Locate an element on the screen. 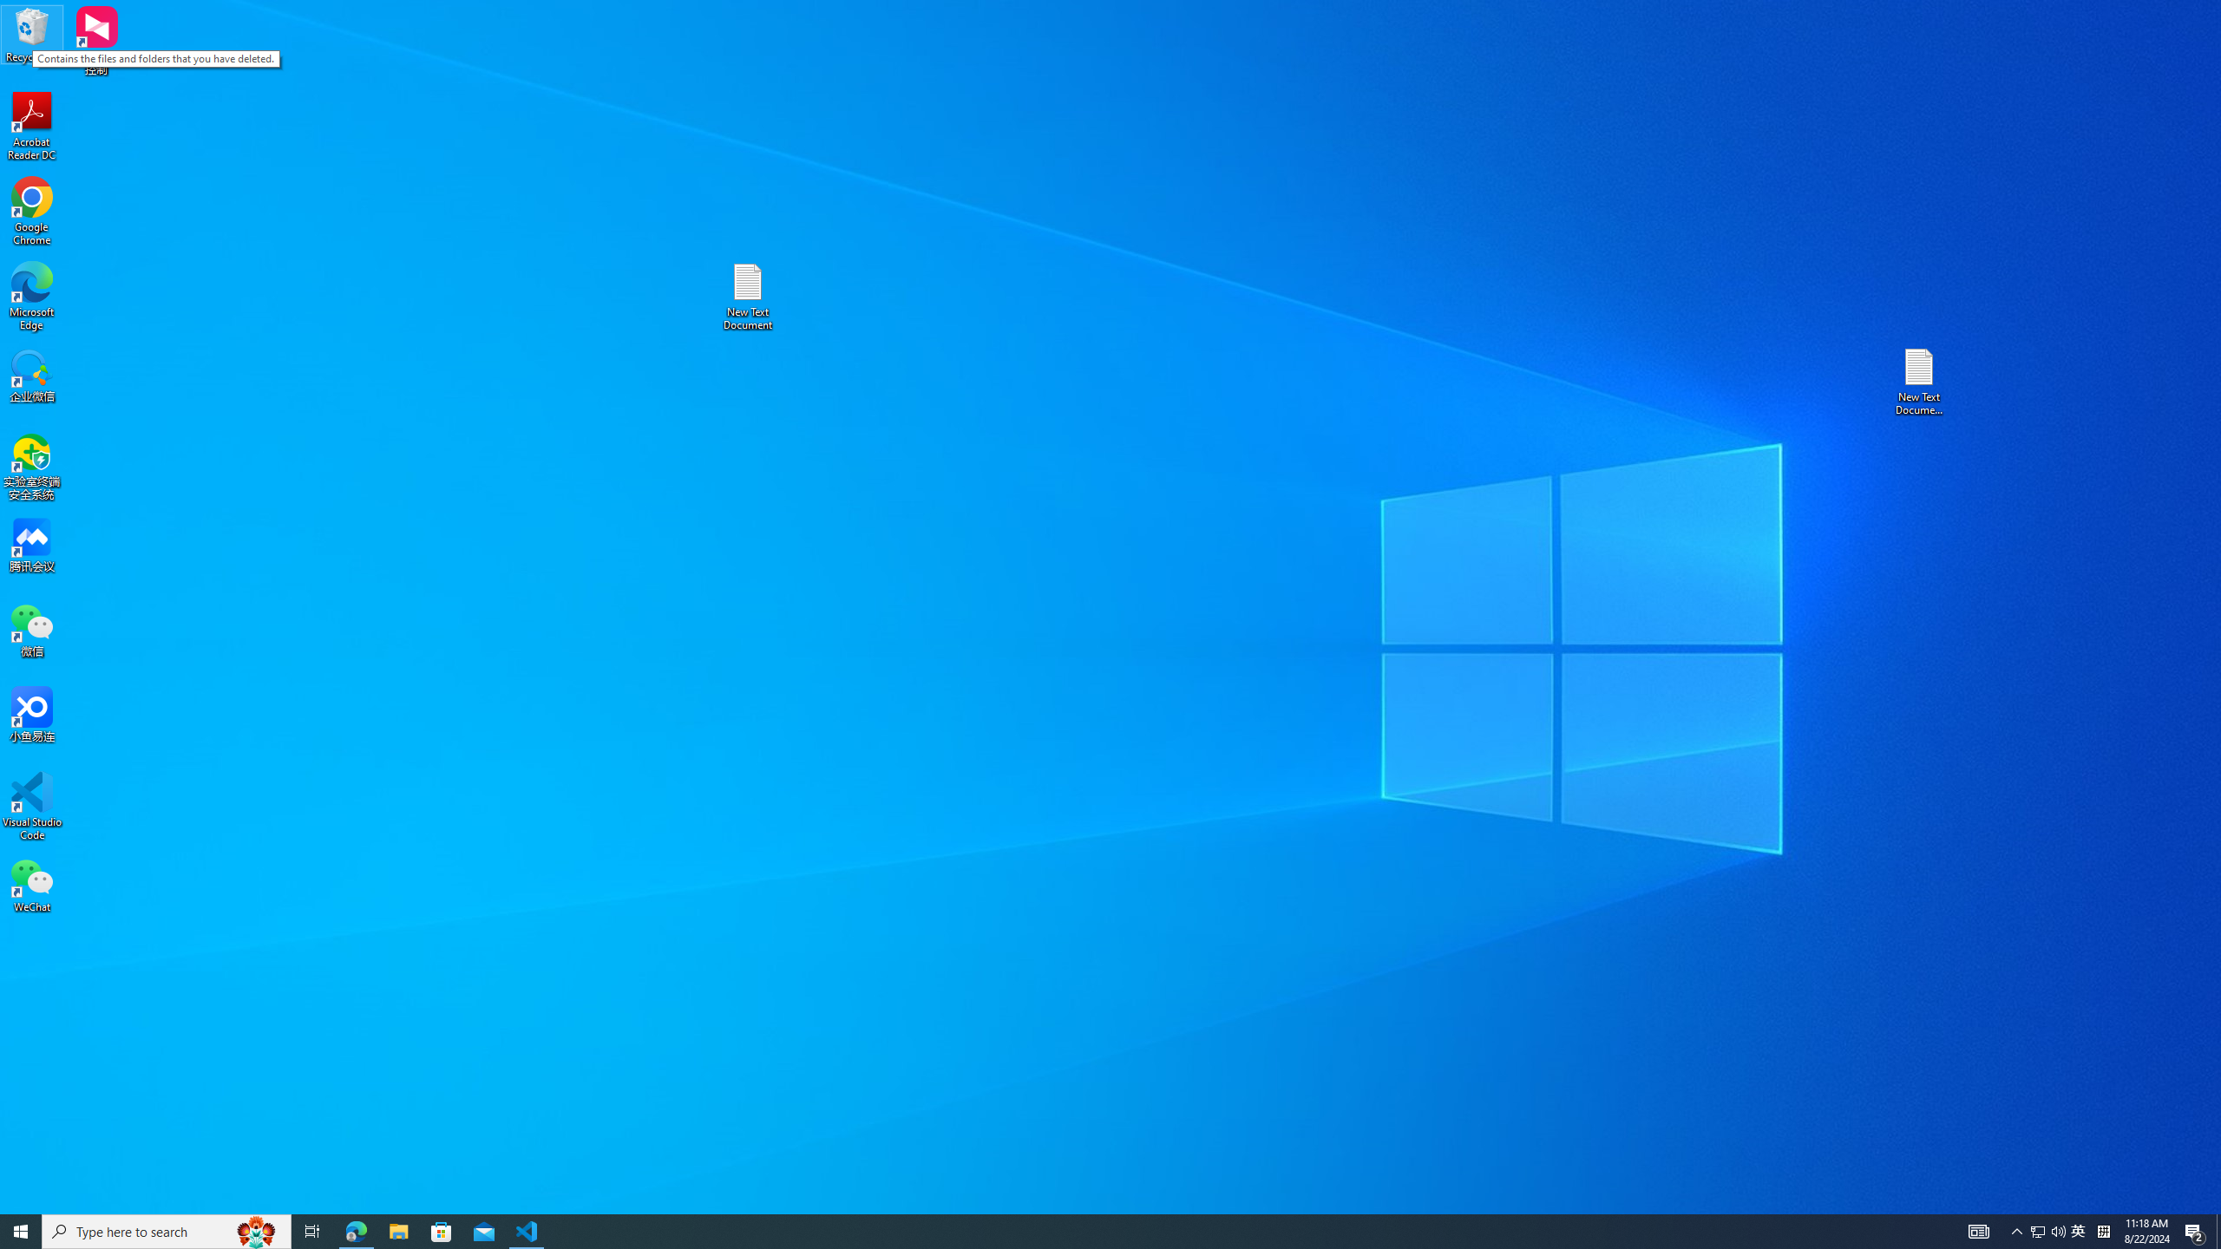  'WeChat' is located at coordinates (31, 884).